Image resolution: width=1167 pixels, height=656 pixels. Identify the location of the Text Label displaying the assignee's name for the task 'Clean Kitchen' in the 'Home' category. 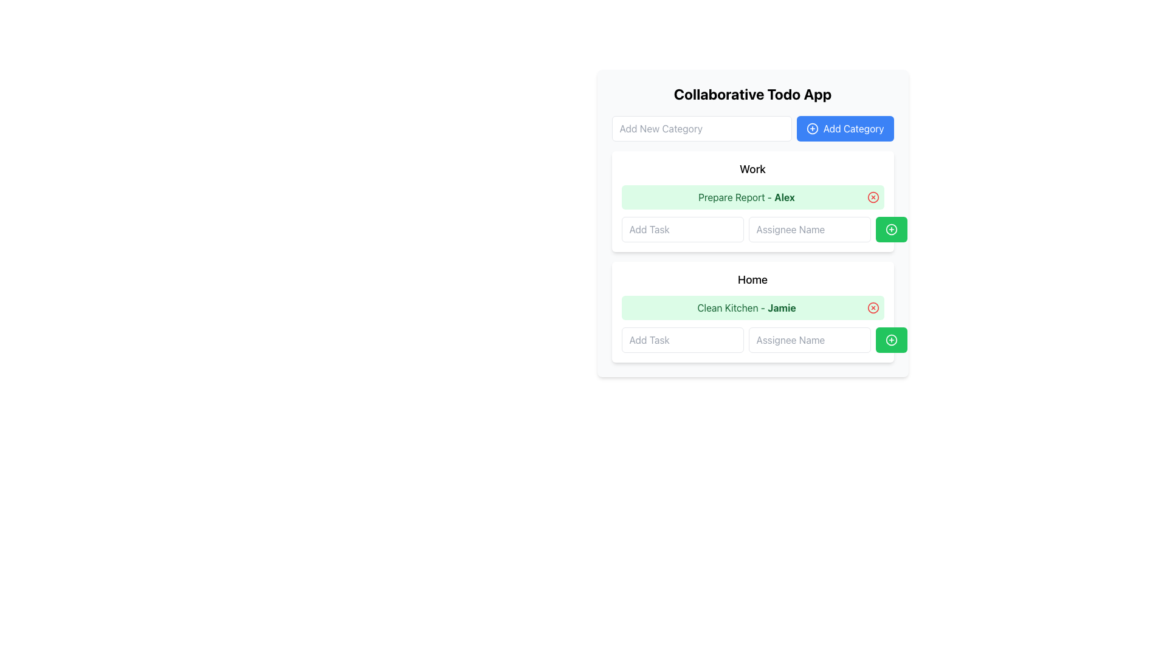
(782, 307).